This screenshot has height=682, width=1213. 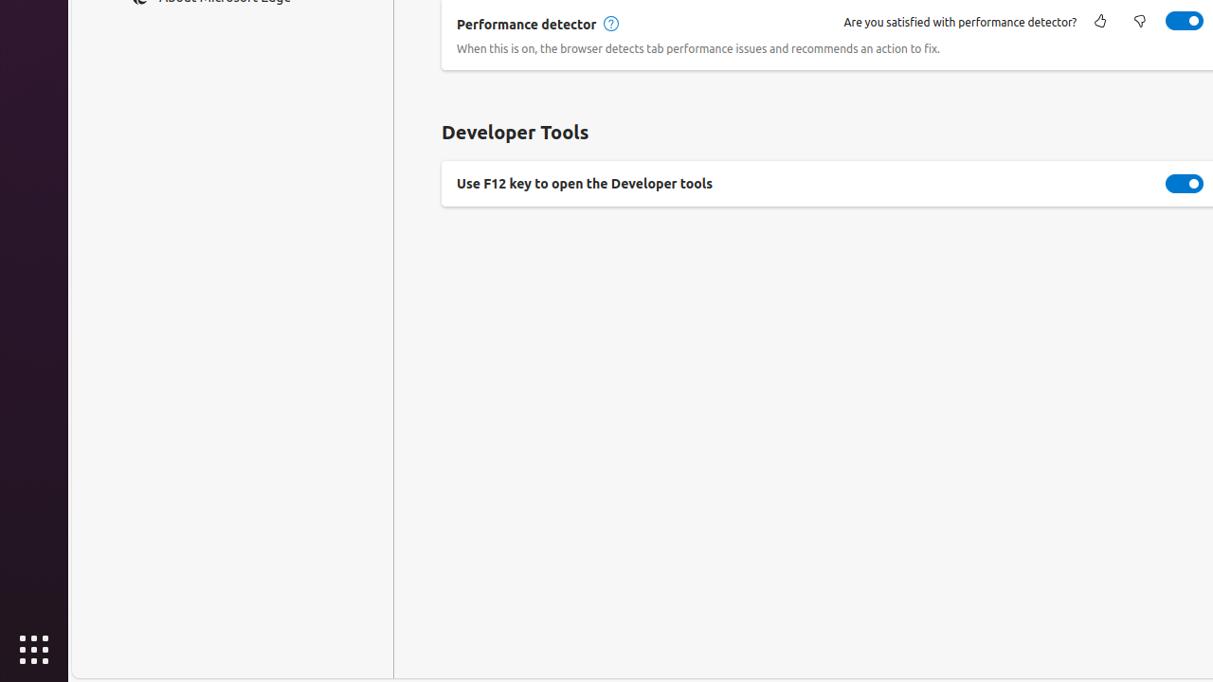 What do you see at coordinates (609, 24) in the screenshot?
I see `'Performance detector, learn more'` at bounding box center [609, 24].